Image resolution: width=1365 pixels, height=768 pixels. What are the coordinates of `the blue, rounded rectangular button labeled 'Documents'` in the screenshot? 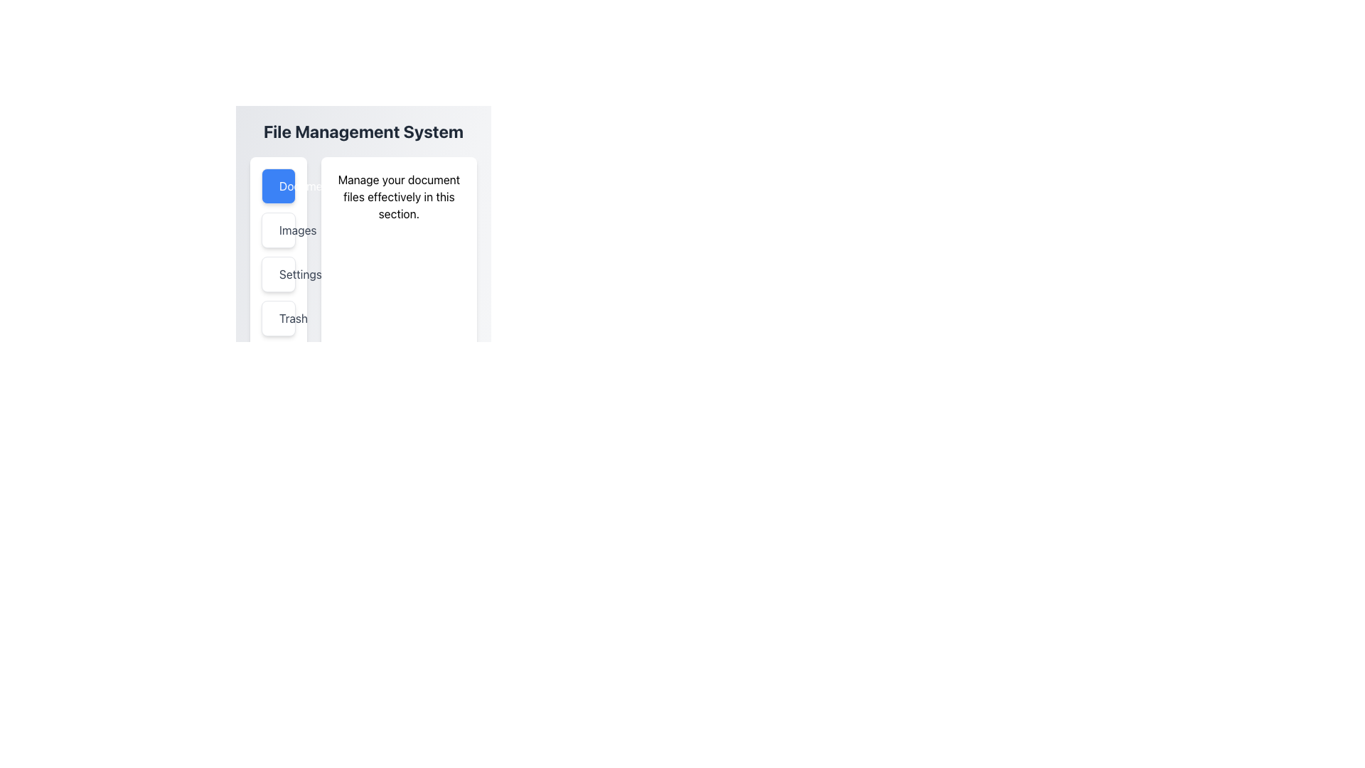 It's located at (278, 186).